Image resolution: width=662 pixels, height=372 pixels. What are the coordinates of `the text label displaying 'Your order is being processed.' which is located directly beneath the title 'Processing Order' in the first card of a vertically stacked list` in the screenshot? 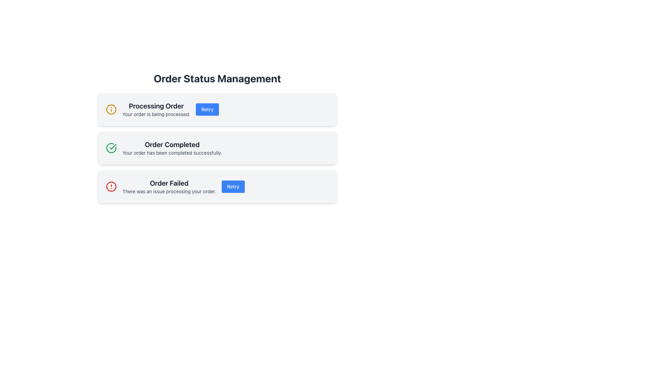 It's located at (156, 114).